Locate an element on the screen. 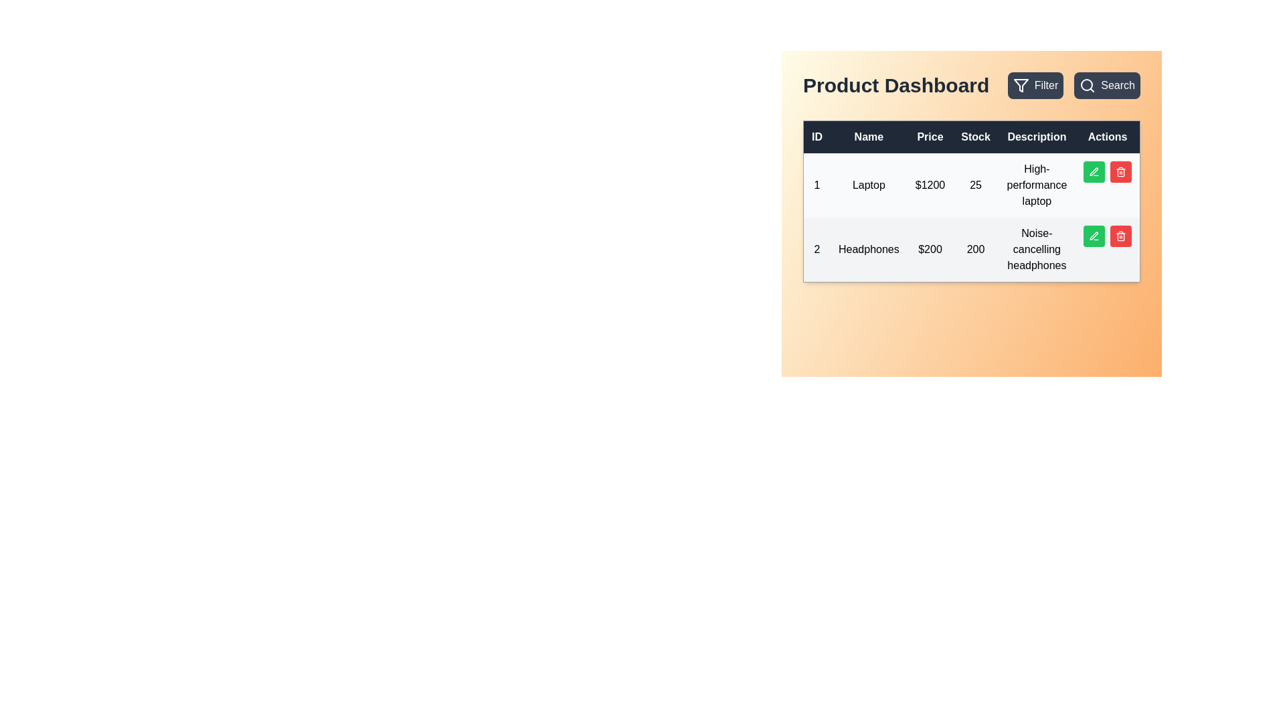 Image resolution: width=1285 pixels, height=723 pixels. the circular part of the search icon, which visually represents the magnifying lens, located at the top right corner near the 'Search' label in the header area is located at coordinates (1087, 85).